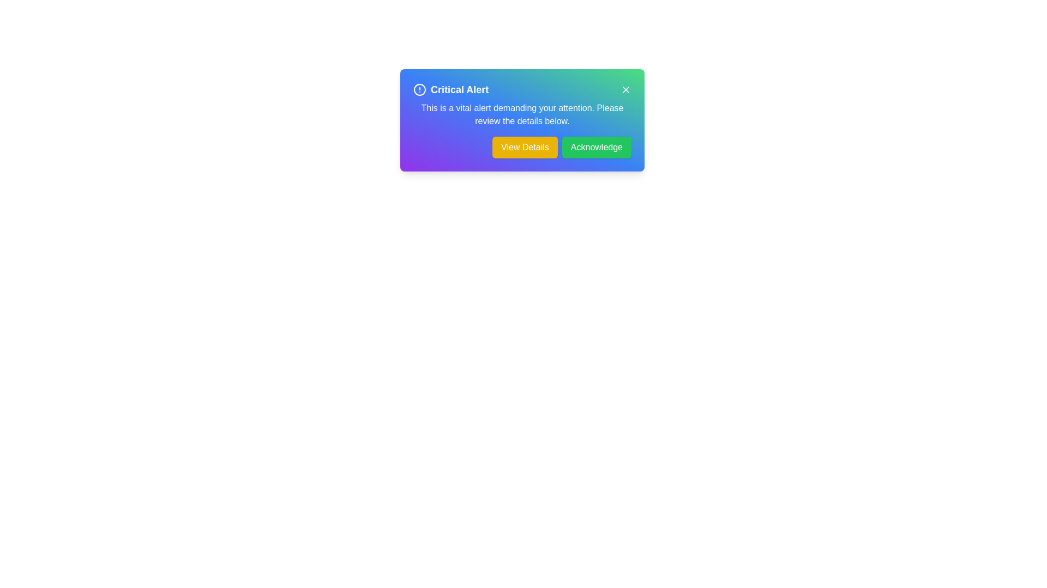 The width and height of the screenshot is (1047, 588). I want to click on bolded text 'Critical Alert' displayed in the notification box, which is located to the right of an alert icon at the top section of the notification component, so click(460, 89).